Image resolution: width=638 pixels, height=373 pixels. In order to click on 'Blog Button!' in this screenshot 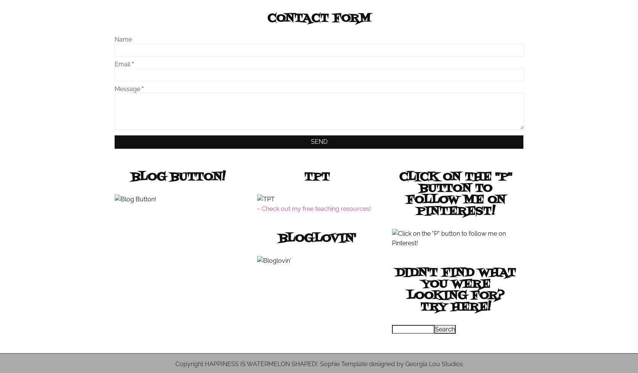, I will do `click(178, 176)`.